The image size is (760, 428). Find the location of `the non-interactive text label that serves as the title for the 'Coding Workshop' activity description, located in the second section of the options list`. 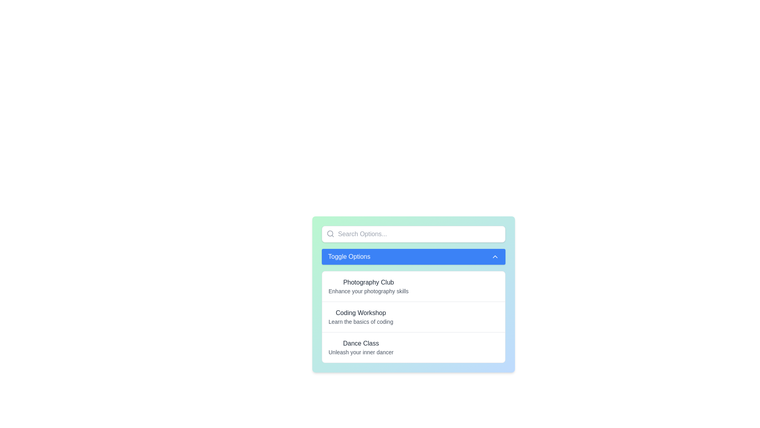

the non-interactive text label that serves as the title for the 'Coding Workshop' activity description, located in the second section of the options list is located at coordinates (360, 313).